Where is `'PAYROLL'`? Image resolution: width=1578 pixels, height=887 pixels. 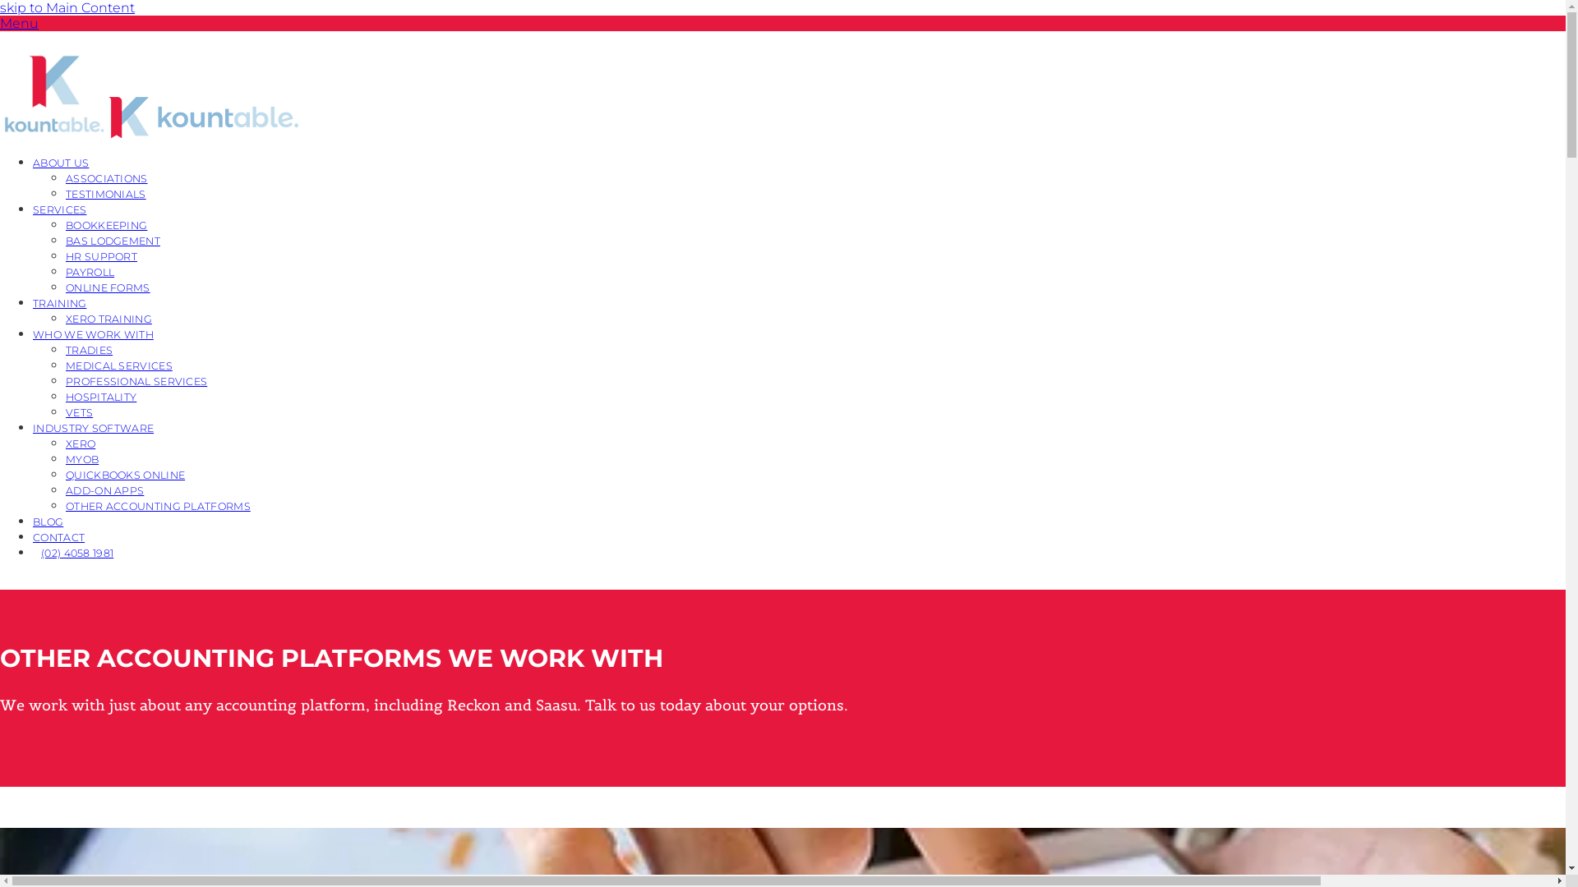
'PAYROLL' is located at coordinates (89, 270).